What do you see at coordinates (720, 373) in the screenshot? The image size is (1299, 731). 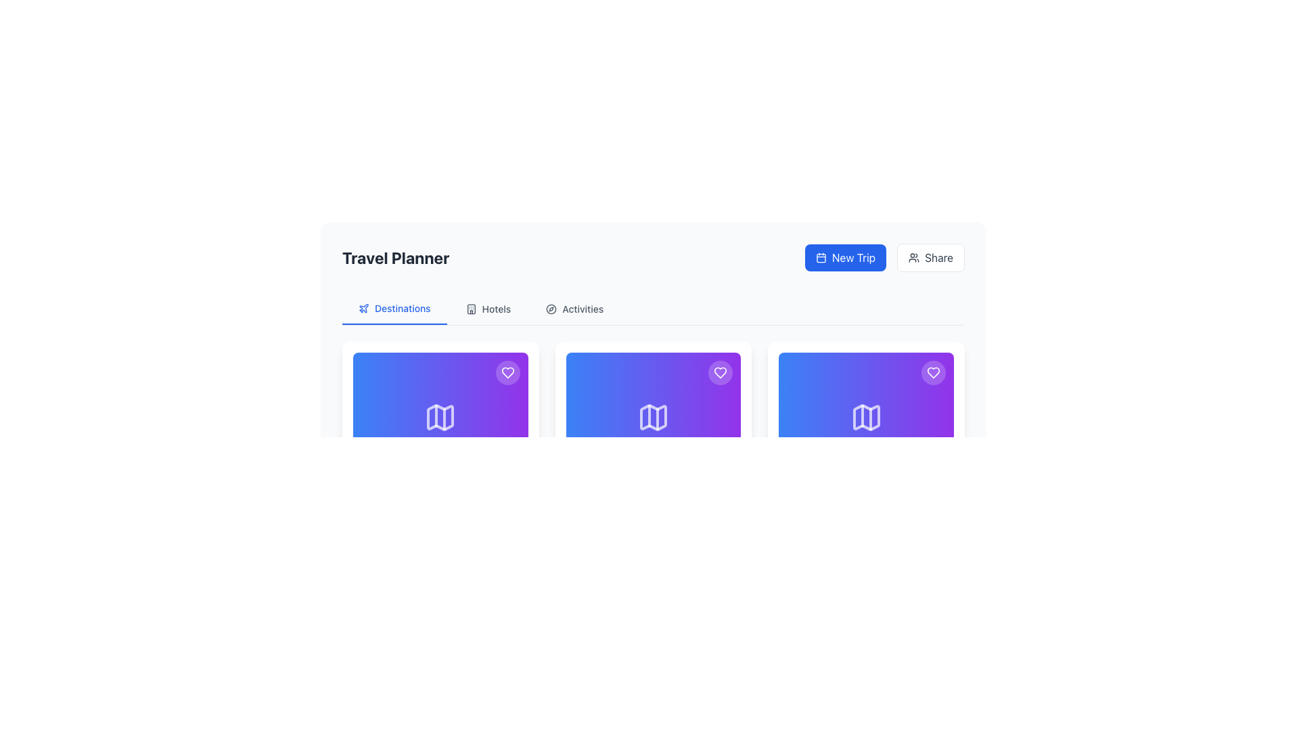 I see `the heart-shaped icon button, which is filled with purple or pink` at bounding box center [720, 373].